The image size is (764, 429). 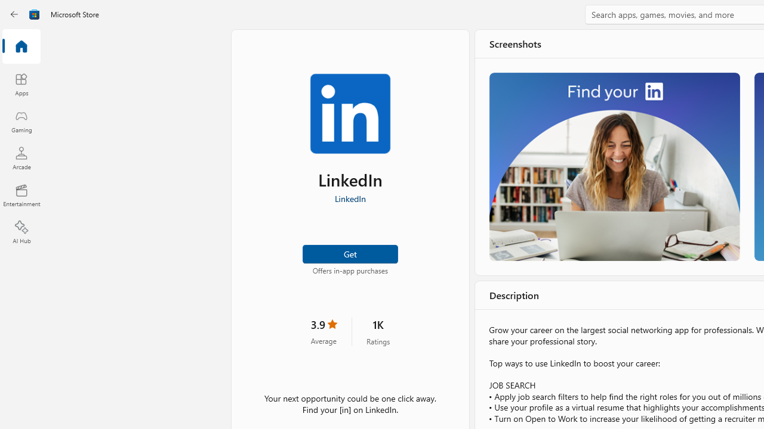 I want to click on 'Entertainment', so click(x=21, y=194).